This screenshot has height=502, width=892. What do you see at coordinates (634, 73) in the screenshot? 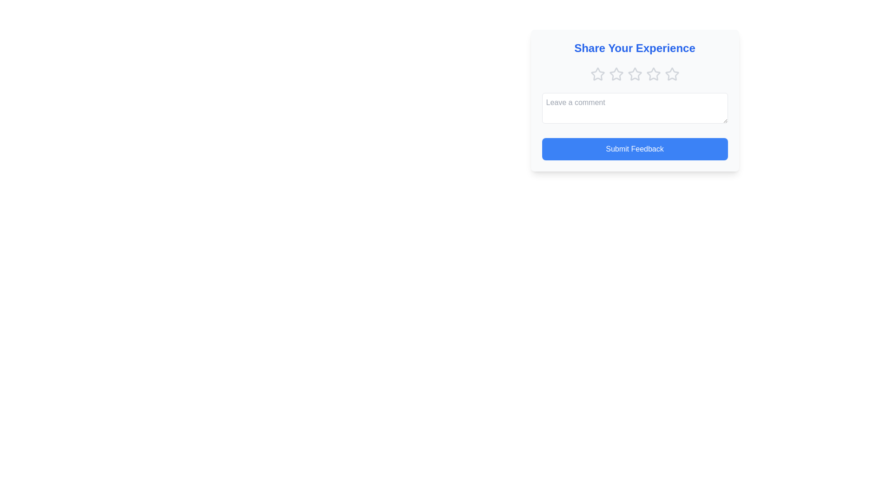
I see `the central star in the rating stars group located below the heading 'Share Your Experience'` at bounding box center [634, 73].